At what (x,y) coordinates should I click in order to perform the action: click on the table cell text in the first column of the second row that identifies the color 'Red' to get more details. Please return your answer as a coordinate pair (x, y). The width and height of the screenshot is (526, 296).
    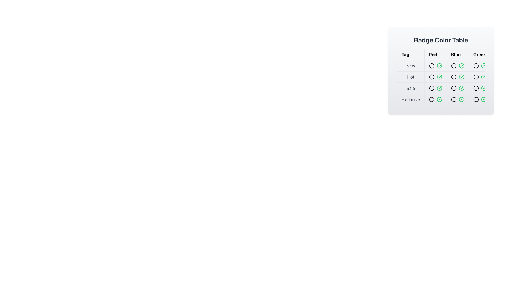
    Looking at the image, I should click on (441, 77).